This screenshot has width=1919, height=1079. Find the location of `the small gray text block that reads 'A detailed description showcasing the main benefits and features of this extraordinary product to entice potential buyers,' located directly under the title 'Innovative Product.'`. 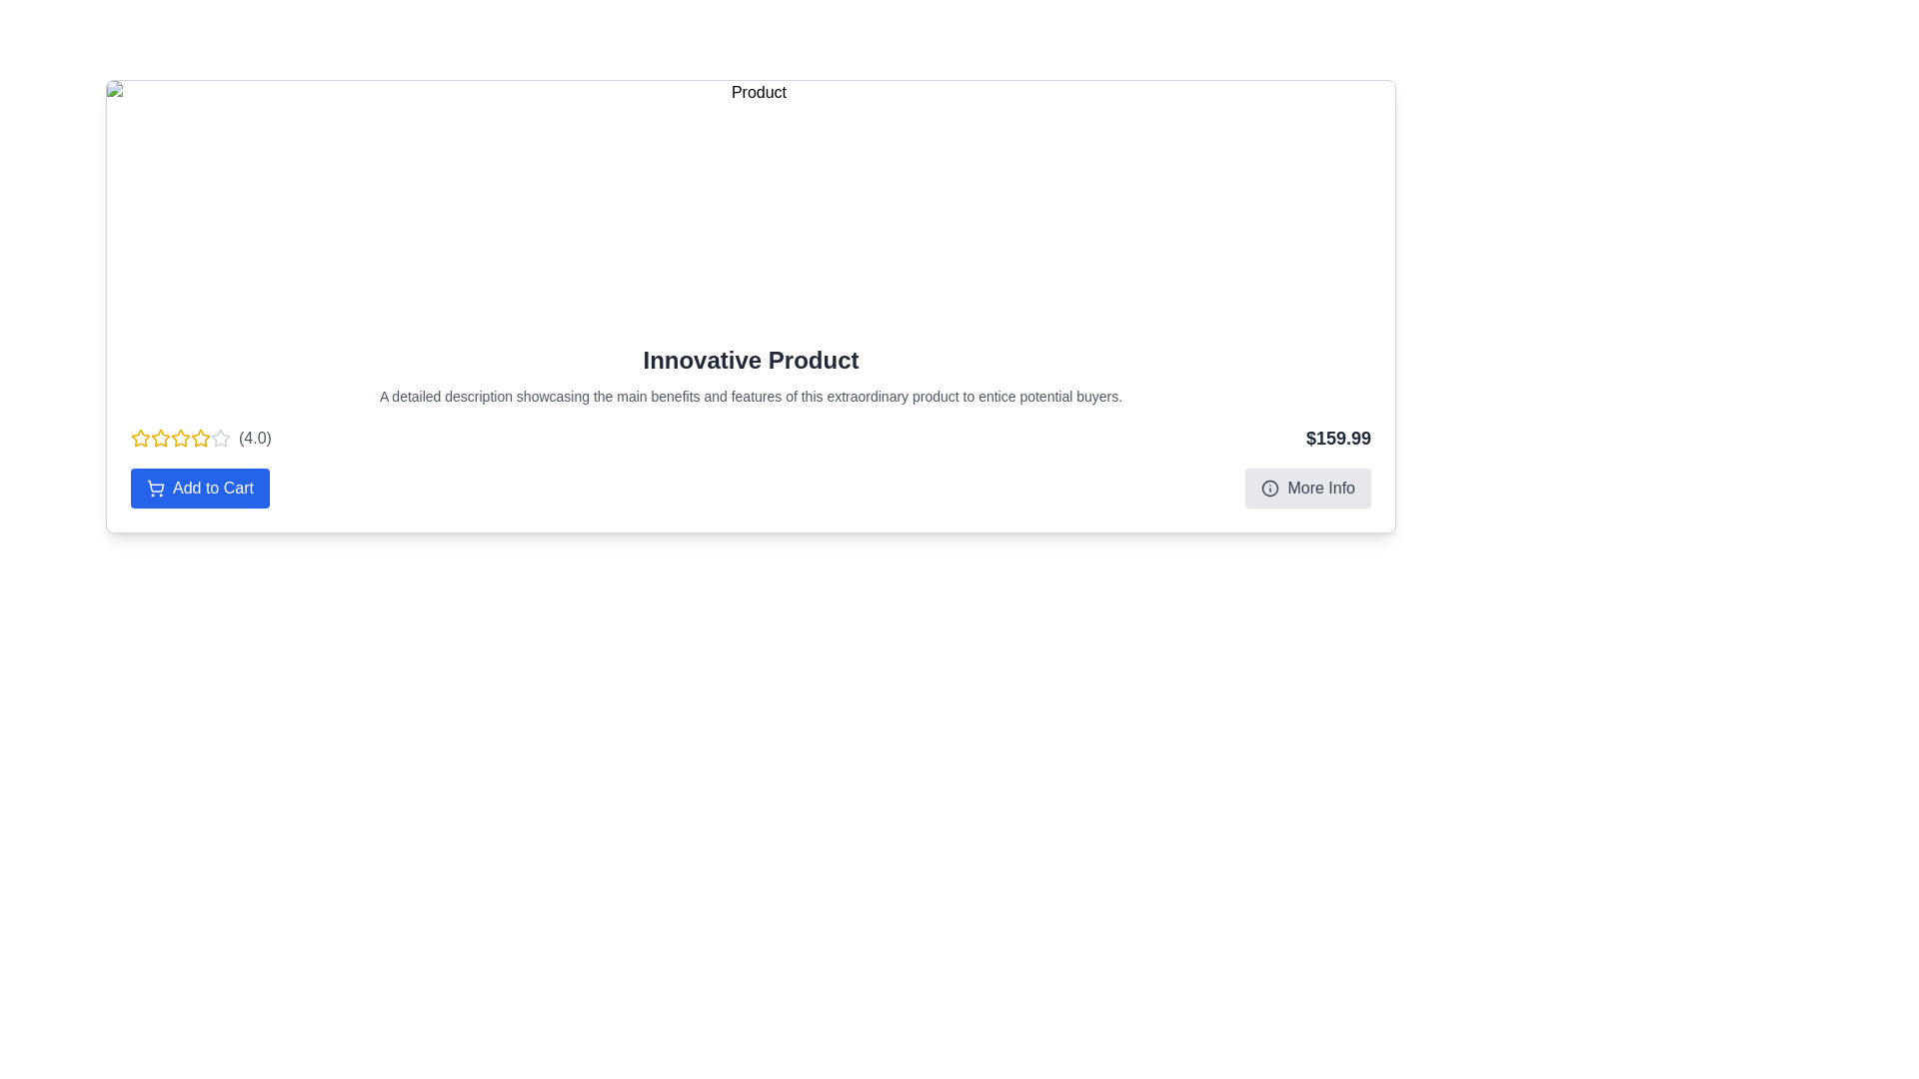

the small gray text block that reads 'A detailed description showcasing the main benefits and features of this extraordinary product to entice potential buyers,' located directly under the title 'Innovative Product.' is located at coordinates (750, 397).